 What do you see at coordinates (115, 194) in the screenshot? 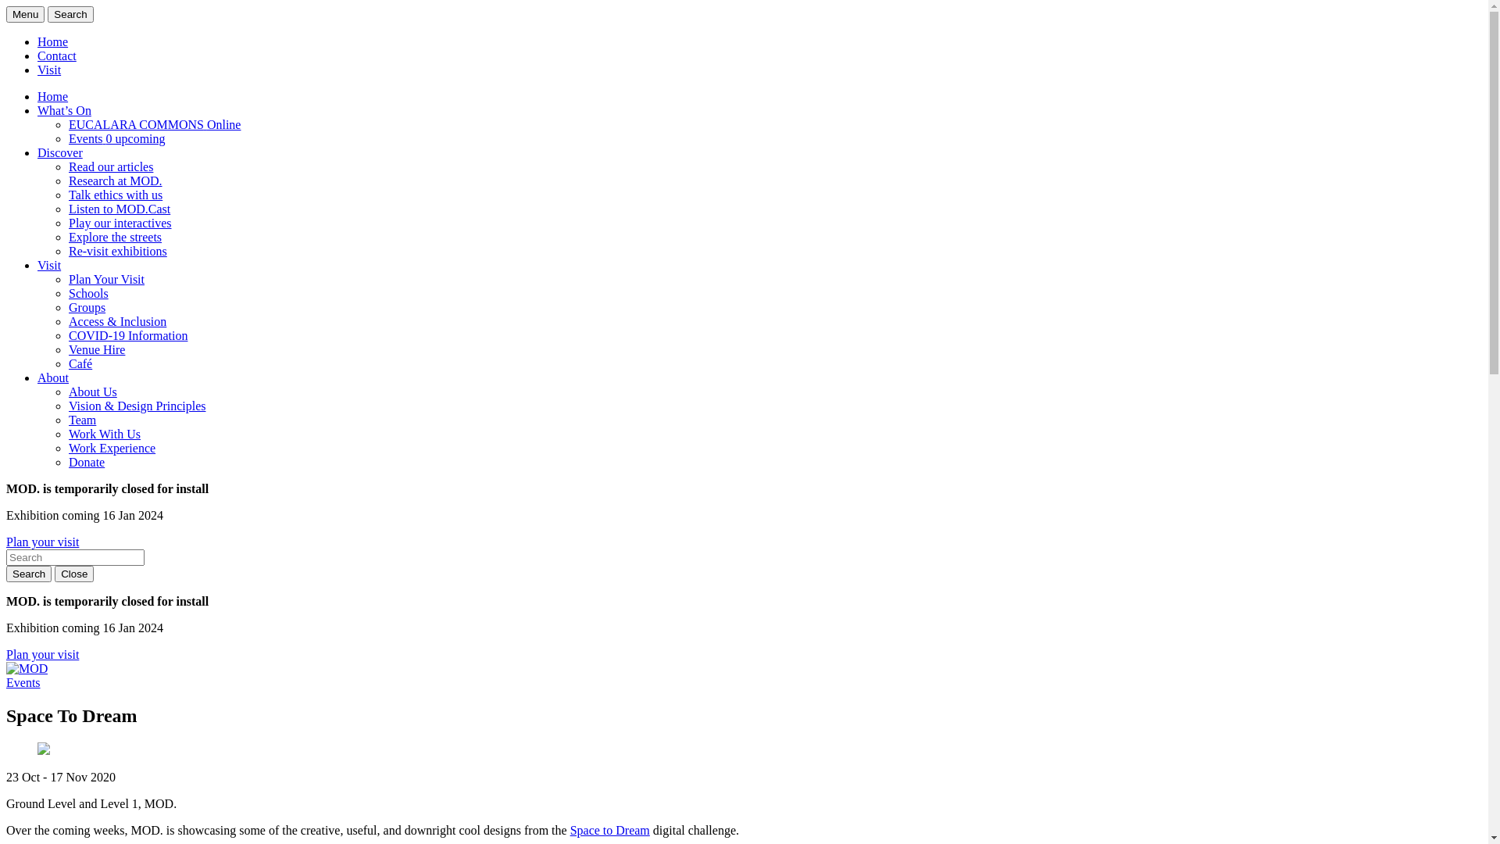
I see `'Talk ethics with us'` at bounding box center [115, 194].